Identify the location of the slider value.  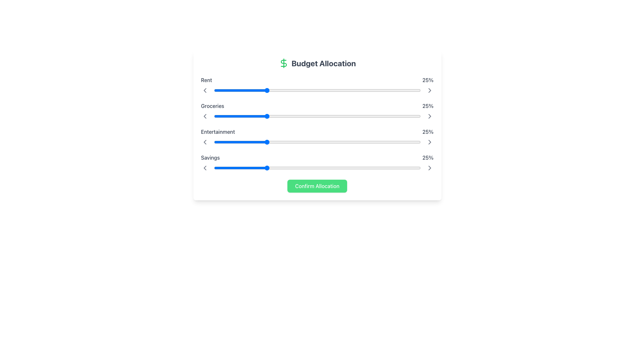
(325, 142).